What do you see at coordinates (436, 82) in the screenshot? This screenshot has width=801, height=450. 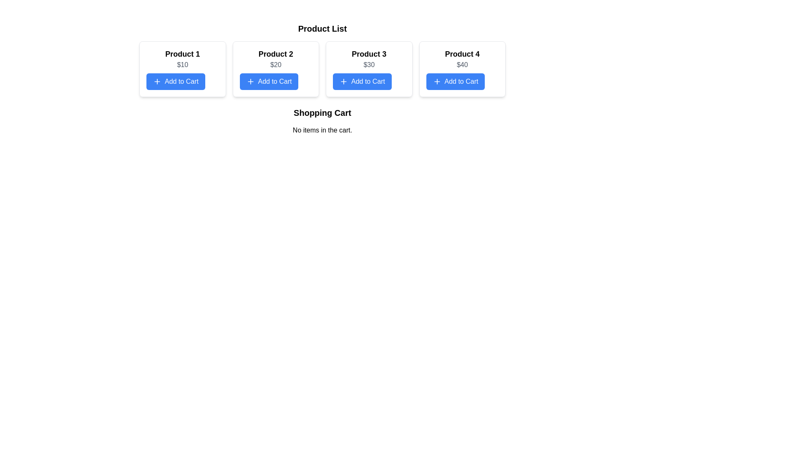 I see `the plus sign icon located within the 'Add to Cart' button for 'Product 4', positioned to the left of the button text` at bounding box center [436, 82].